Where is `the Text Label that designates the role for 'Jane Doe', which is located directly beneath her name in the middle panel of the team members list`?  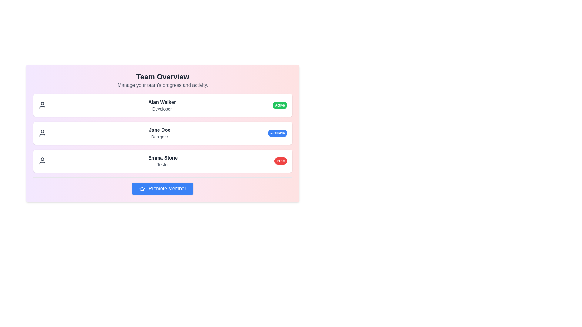
the Text Label that designates the role for 'Jane Doe', which is located directly beneath her name in the middle panel of the team members list is located at coordinates (159, 137).